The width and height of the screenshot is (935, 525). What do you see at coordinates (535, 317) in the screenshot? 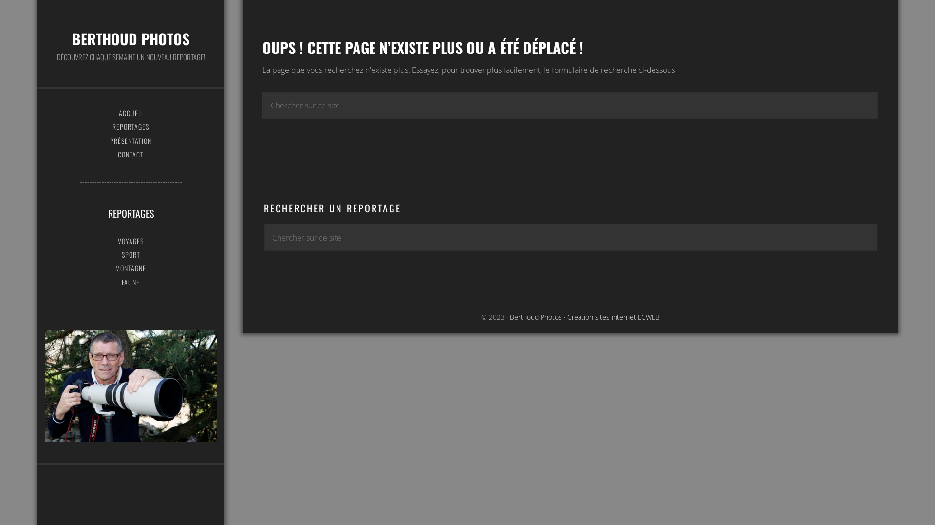
I see `'Berthoud Photos'` at bounding box center [535, 317].